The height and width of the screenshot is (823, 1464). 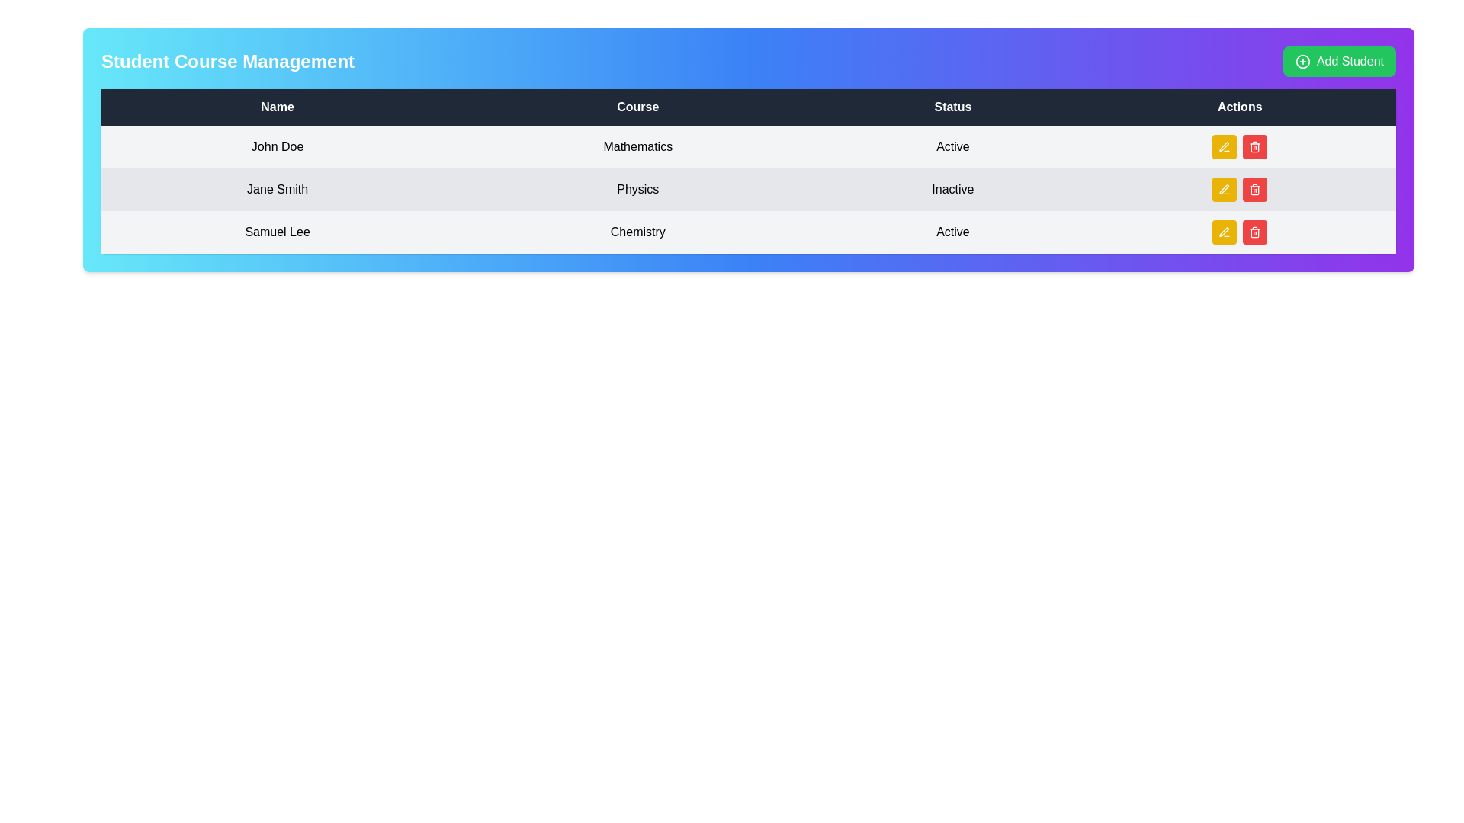 I want to click on the circular icon with a plus sign that is part of the 'Add Student' button located at the top-right corner of the interface, so click(x=1302, y=61).